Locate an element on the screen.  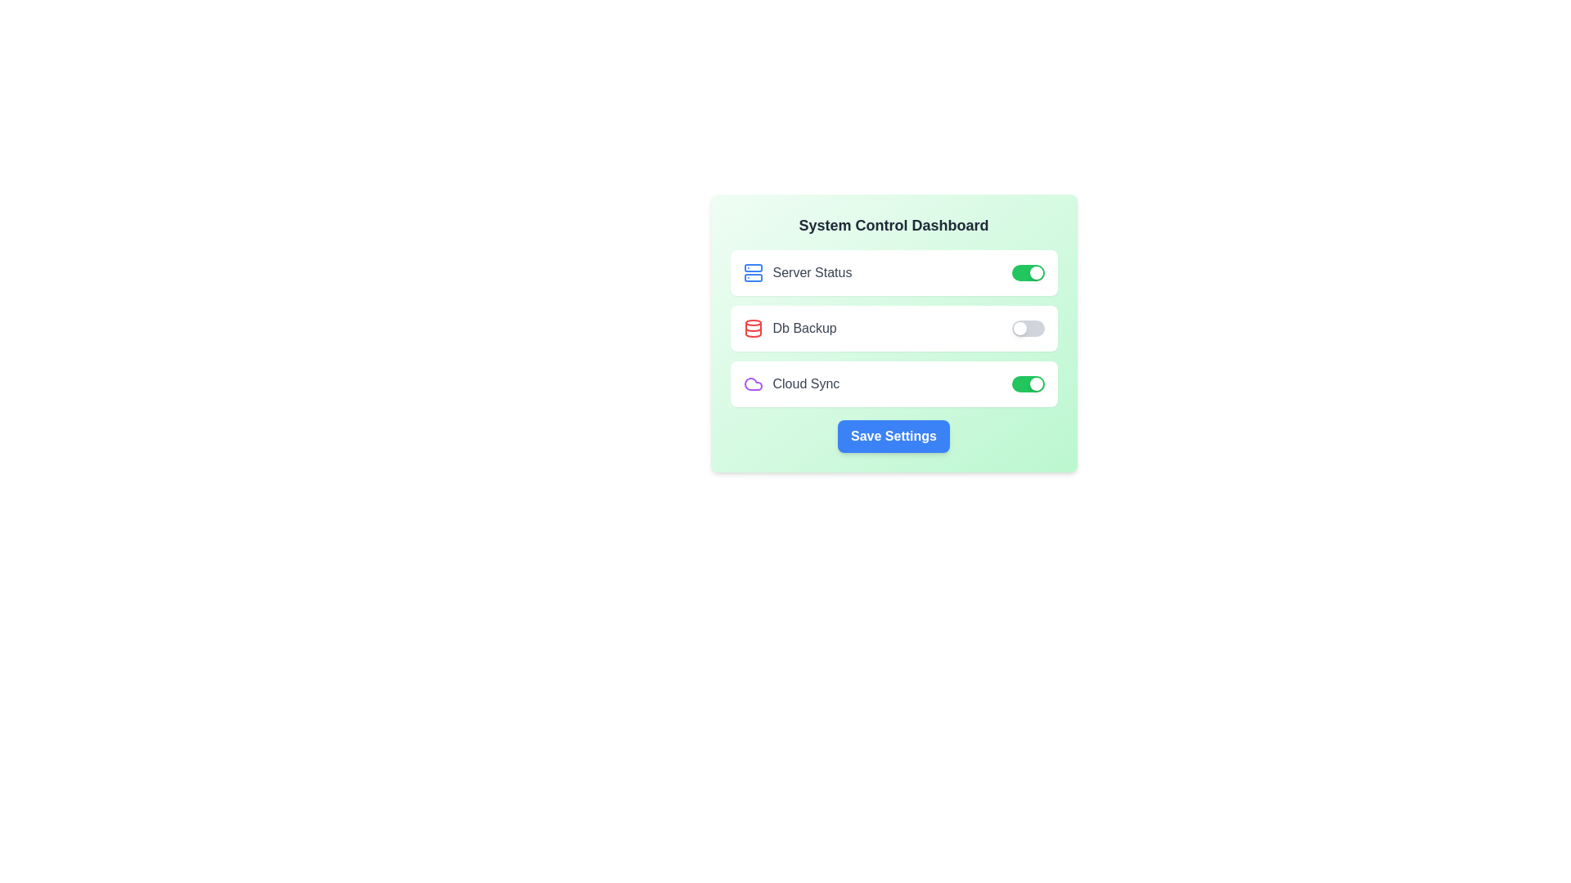
the 'Cloud Sync' toggle switch to change its state is located at coordinates (1027, 384).